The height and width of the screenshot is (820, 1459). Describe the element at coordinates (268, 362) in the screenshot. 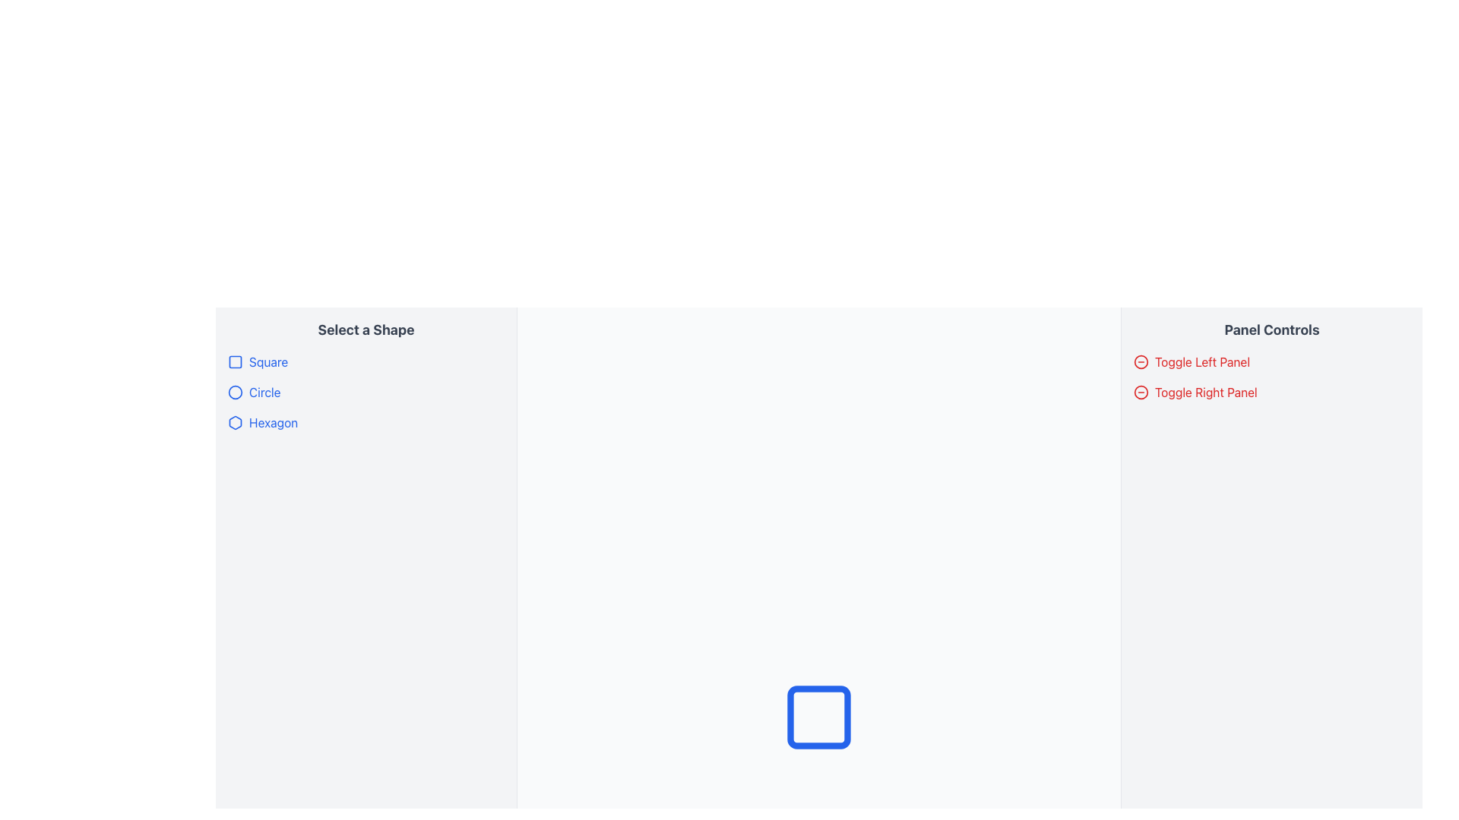

I see `text displayed in the blue font text label that says 'Square', located under the header 'Select a Shape' in the left pane, which is the first label in the list` at that location.